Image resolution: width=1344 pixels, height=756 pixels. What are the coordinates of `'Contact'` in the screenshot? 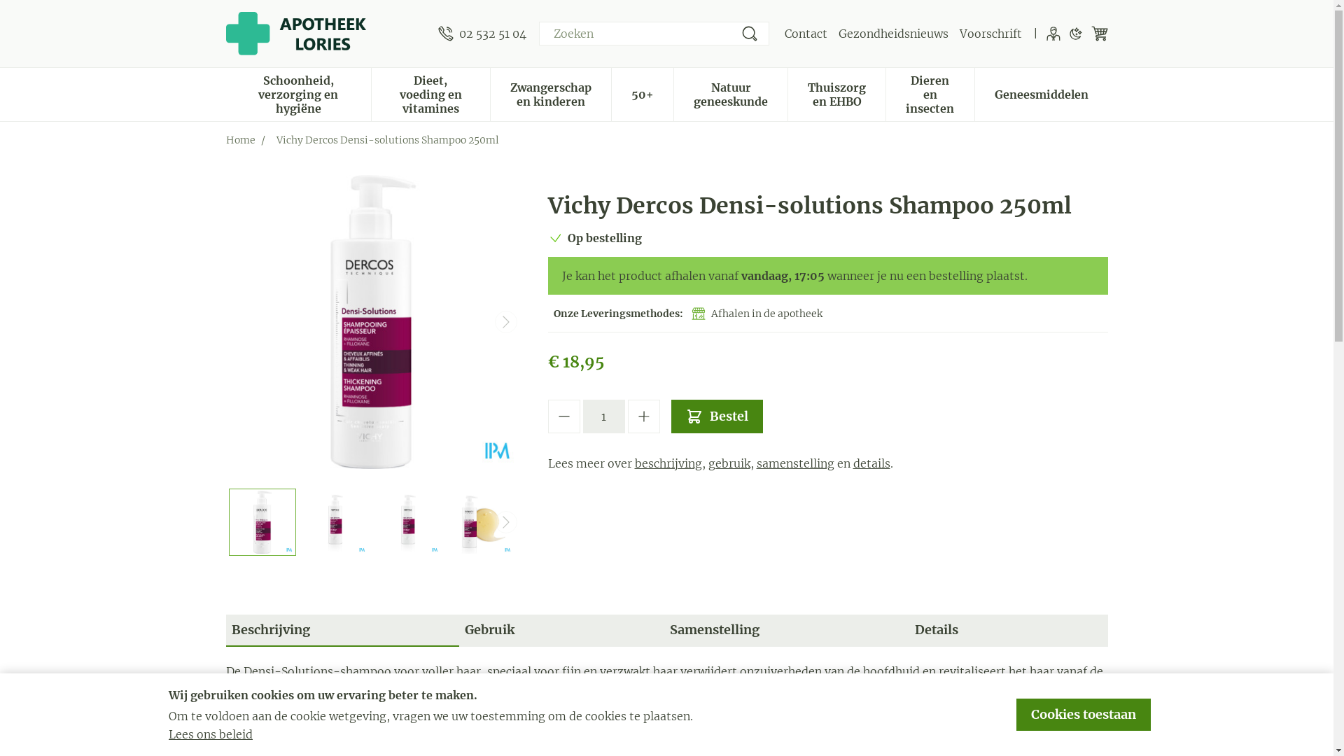 It's located at (805, 32).